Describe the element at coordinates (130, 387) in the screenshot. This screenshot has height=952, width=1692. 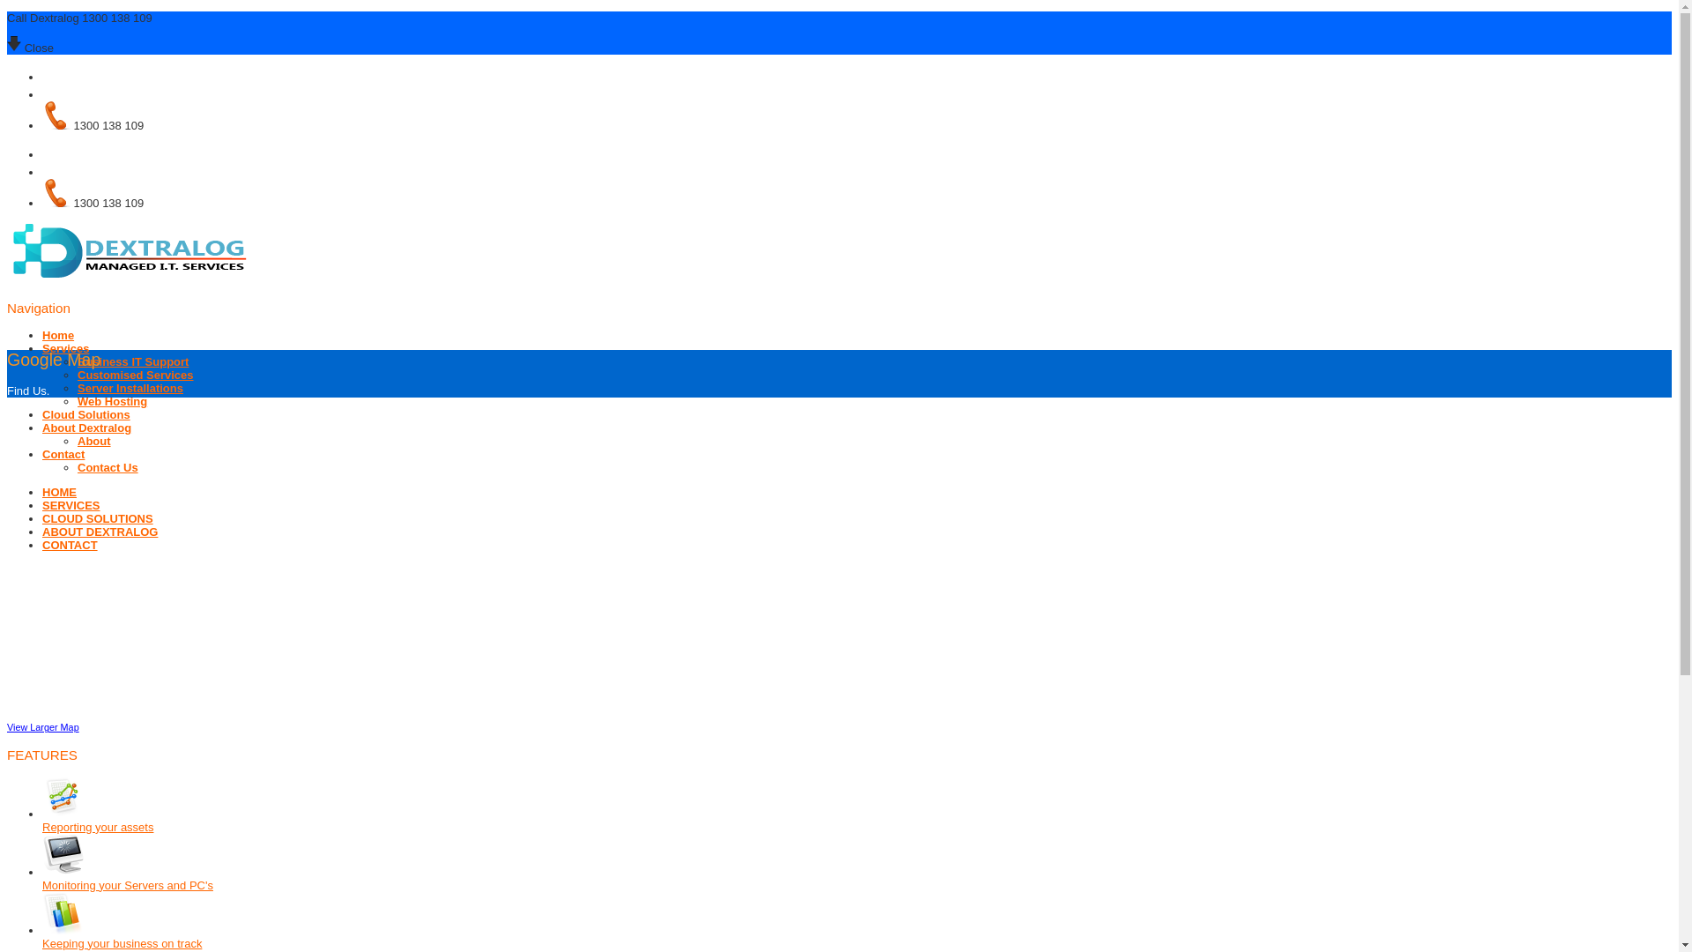
I see `'Server Installations'` at that location.